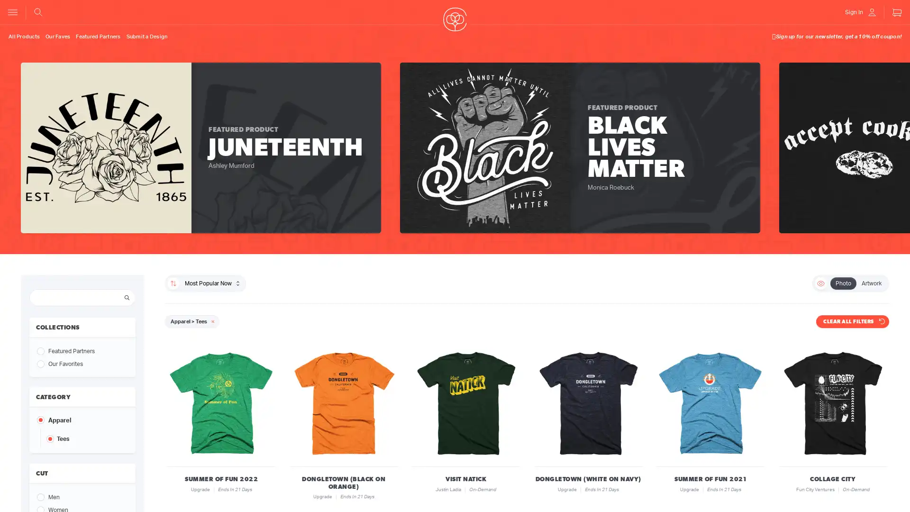  What do you see at coordinates (127, 297) in the screenshot?
I see `Search` at bounding box center [127, 297].